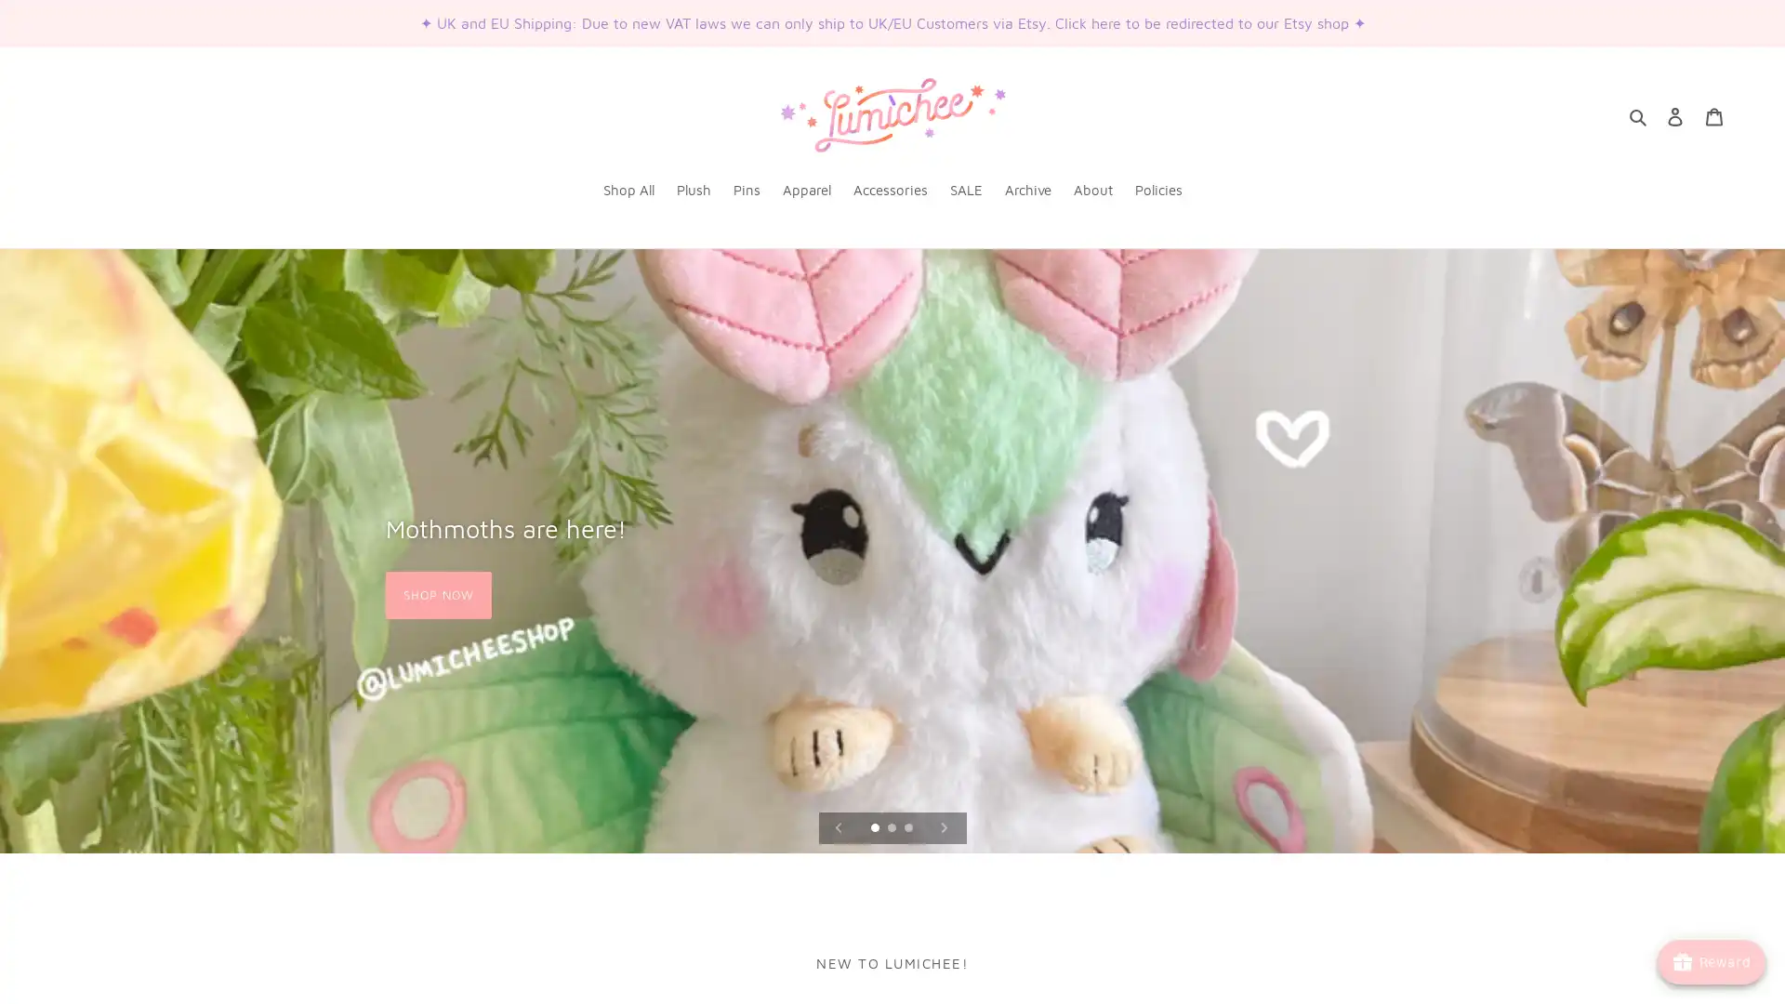  Describe the element at coordinates (1711, 961) in the screenshot. I see `Reward` at that location.